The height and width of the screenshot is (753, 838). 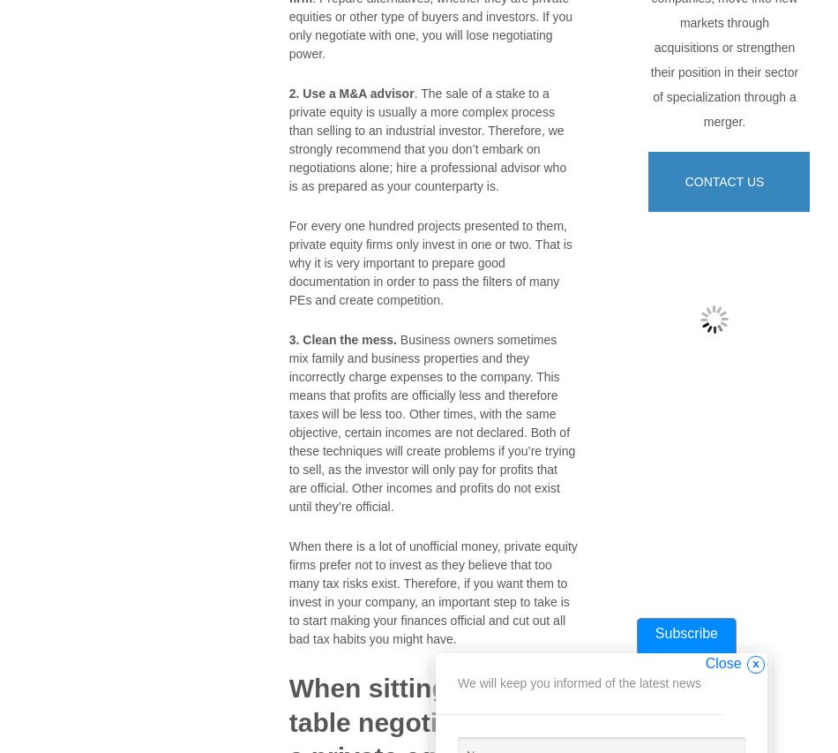 I want to click on 'Subscribe', so click(x=685, y=633).